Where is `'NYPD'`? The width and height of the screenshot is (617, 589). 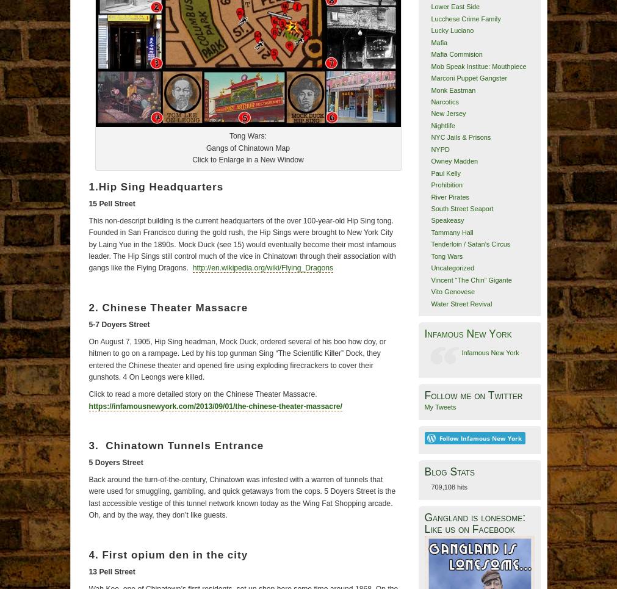
'NYPD' is located at coordinates (439, 148).